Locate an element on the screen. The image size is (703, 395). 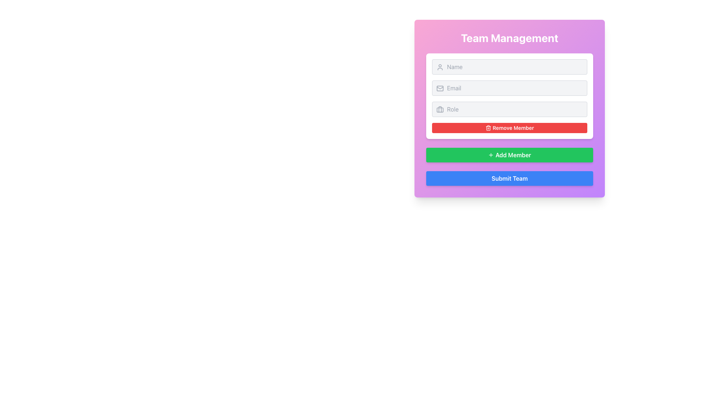
the briefcase icon element, which is a small graphical icon in a minimalist, line-drawn style located to the left of the text input field labeled 'Role' is located at coordinates (439, 110).